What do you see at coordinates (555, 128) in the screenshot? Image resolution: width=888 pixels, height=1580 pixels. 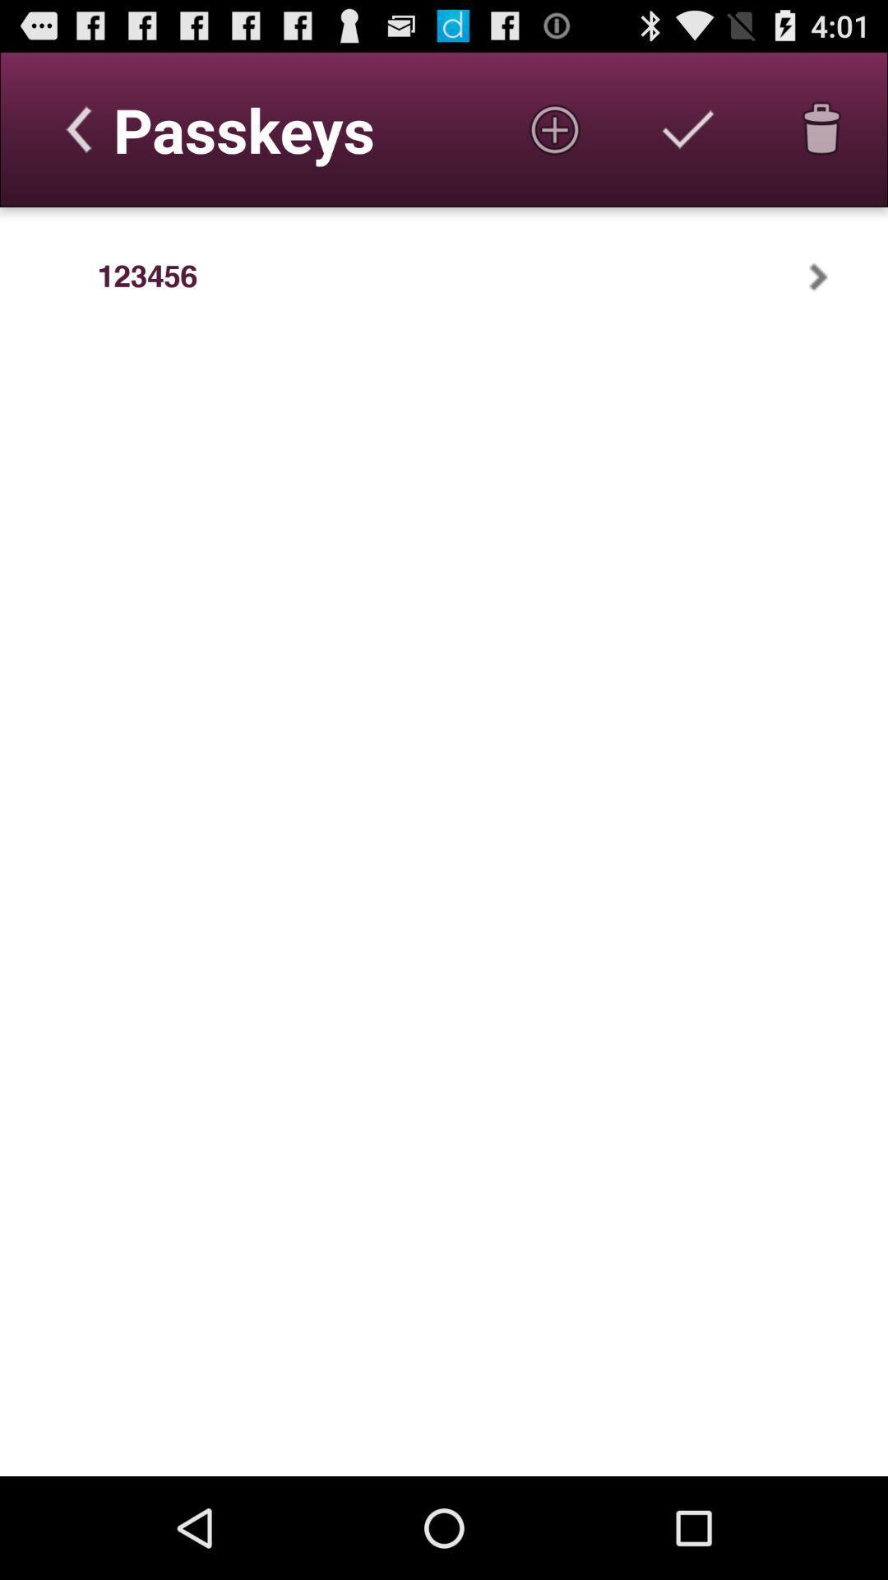 I see `the icon to the right of passkeys item` at bounding box center [555, 128].